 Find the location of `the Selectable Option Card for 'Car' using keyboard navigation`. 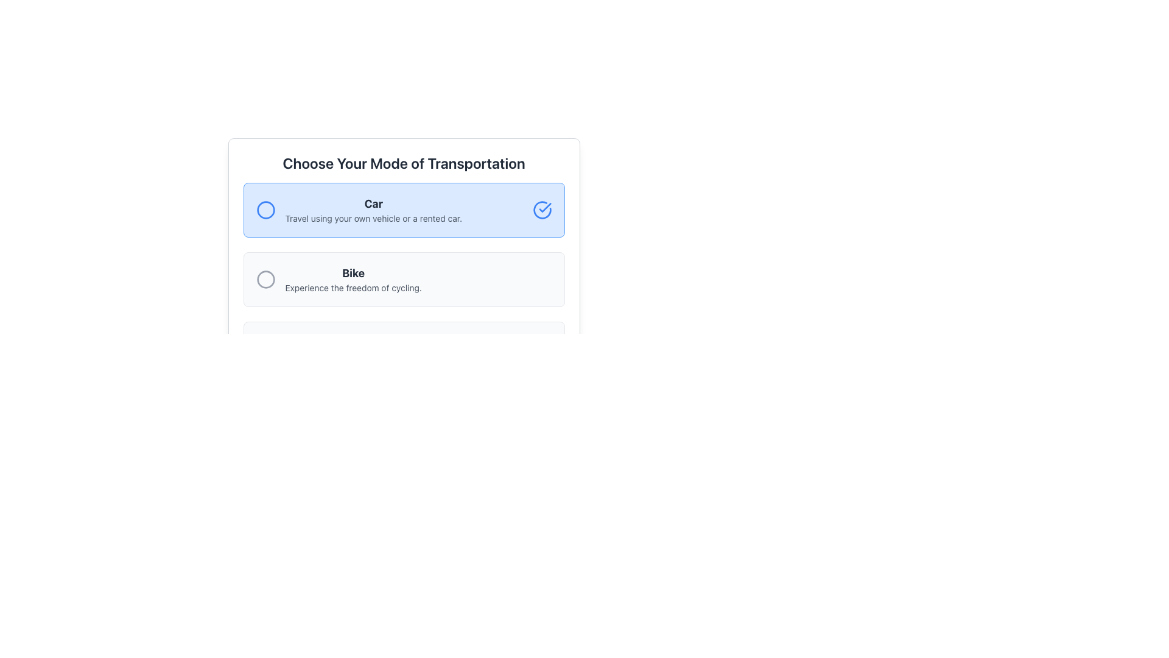

the Selectable Option Card for 'Car' using keyboard navigation is located at coordinates (404, 209).